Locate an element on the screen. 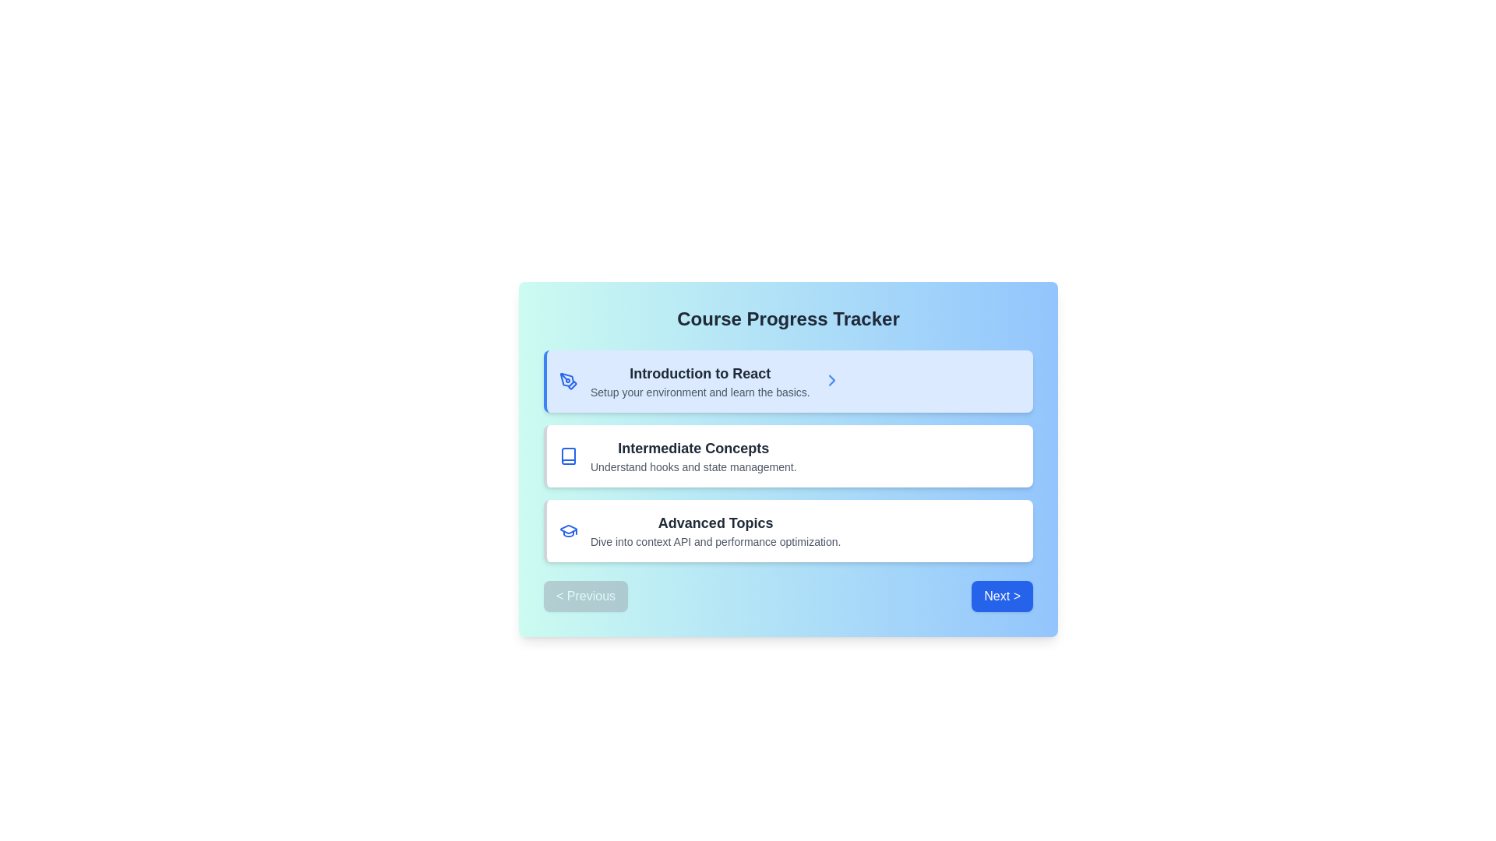 The width and height of the screenshot is (1496, 841). the second content module titled 'Intermediate Concepts' is located at coordinates (789, 456).